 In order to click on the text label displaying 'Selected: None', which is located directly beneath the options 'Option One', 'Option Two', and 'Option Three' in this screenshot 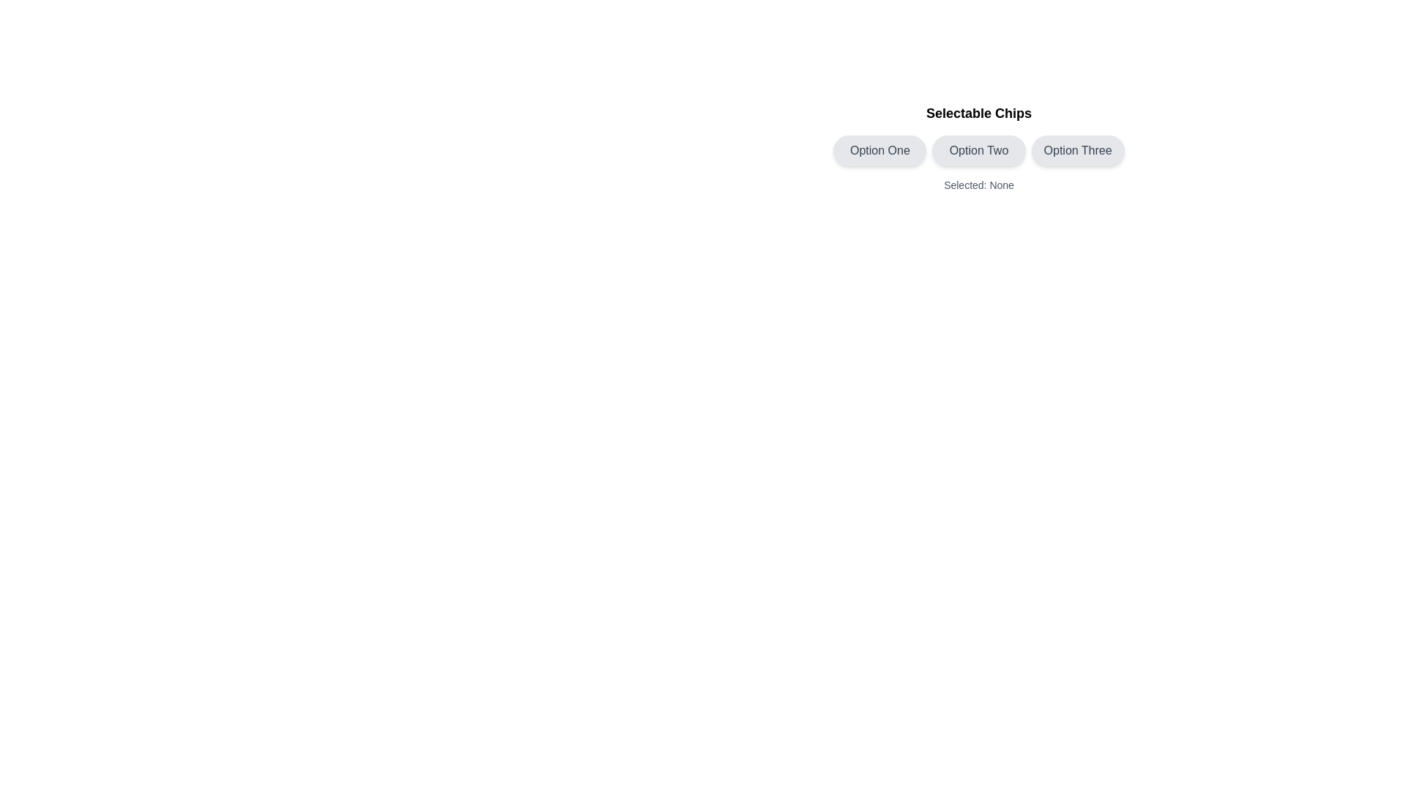, I will do `click(978, 185)`.